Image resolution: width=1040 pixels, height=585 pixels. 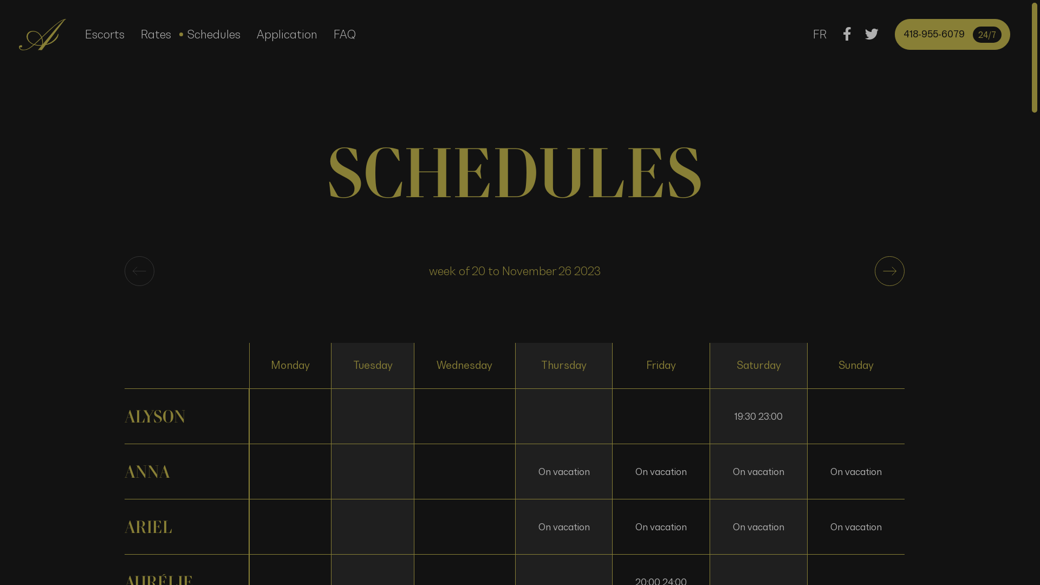 What do you see at coordinates (213, 34) in the screenshot?
I see `'Schedules'` at bounding box center [213, 34].